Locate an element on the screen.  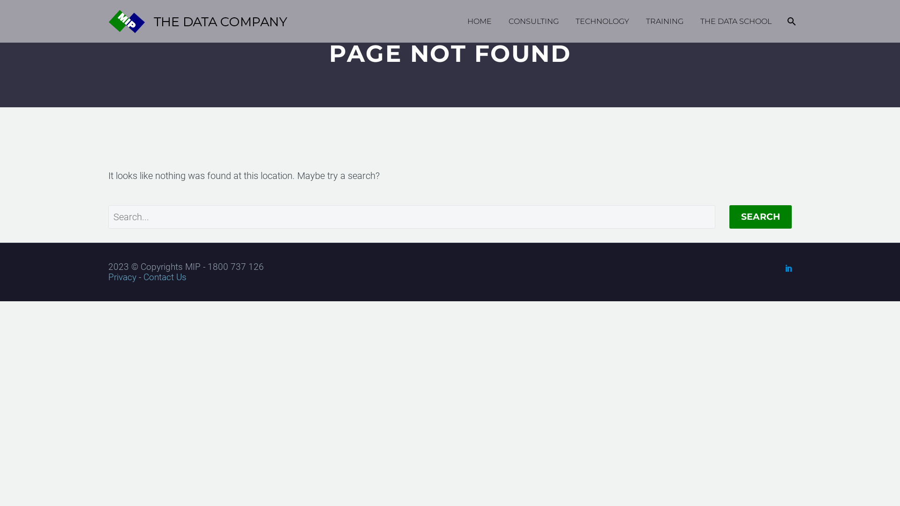
'Privacy' is located at coordinates (121, 276).